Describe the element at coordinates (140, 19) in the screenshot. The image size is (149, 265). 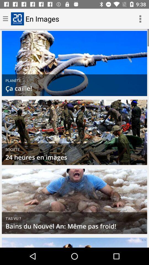
I see `the app to the right of the en images item` at that location.